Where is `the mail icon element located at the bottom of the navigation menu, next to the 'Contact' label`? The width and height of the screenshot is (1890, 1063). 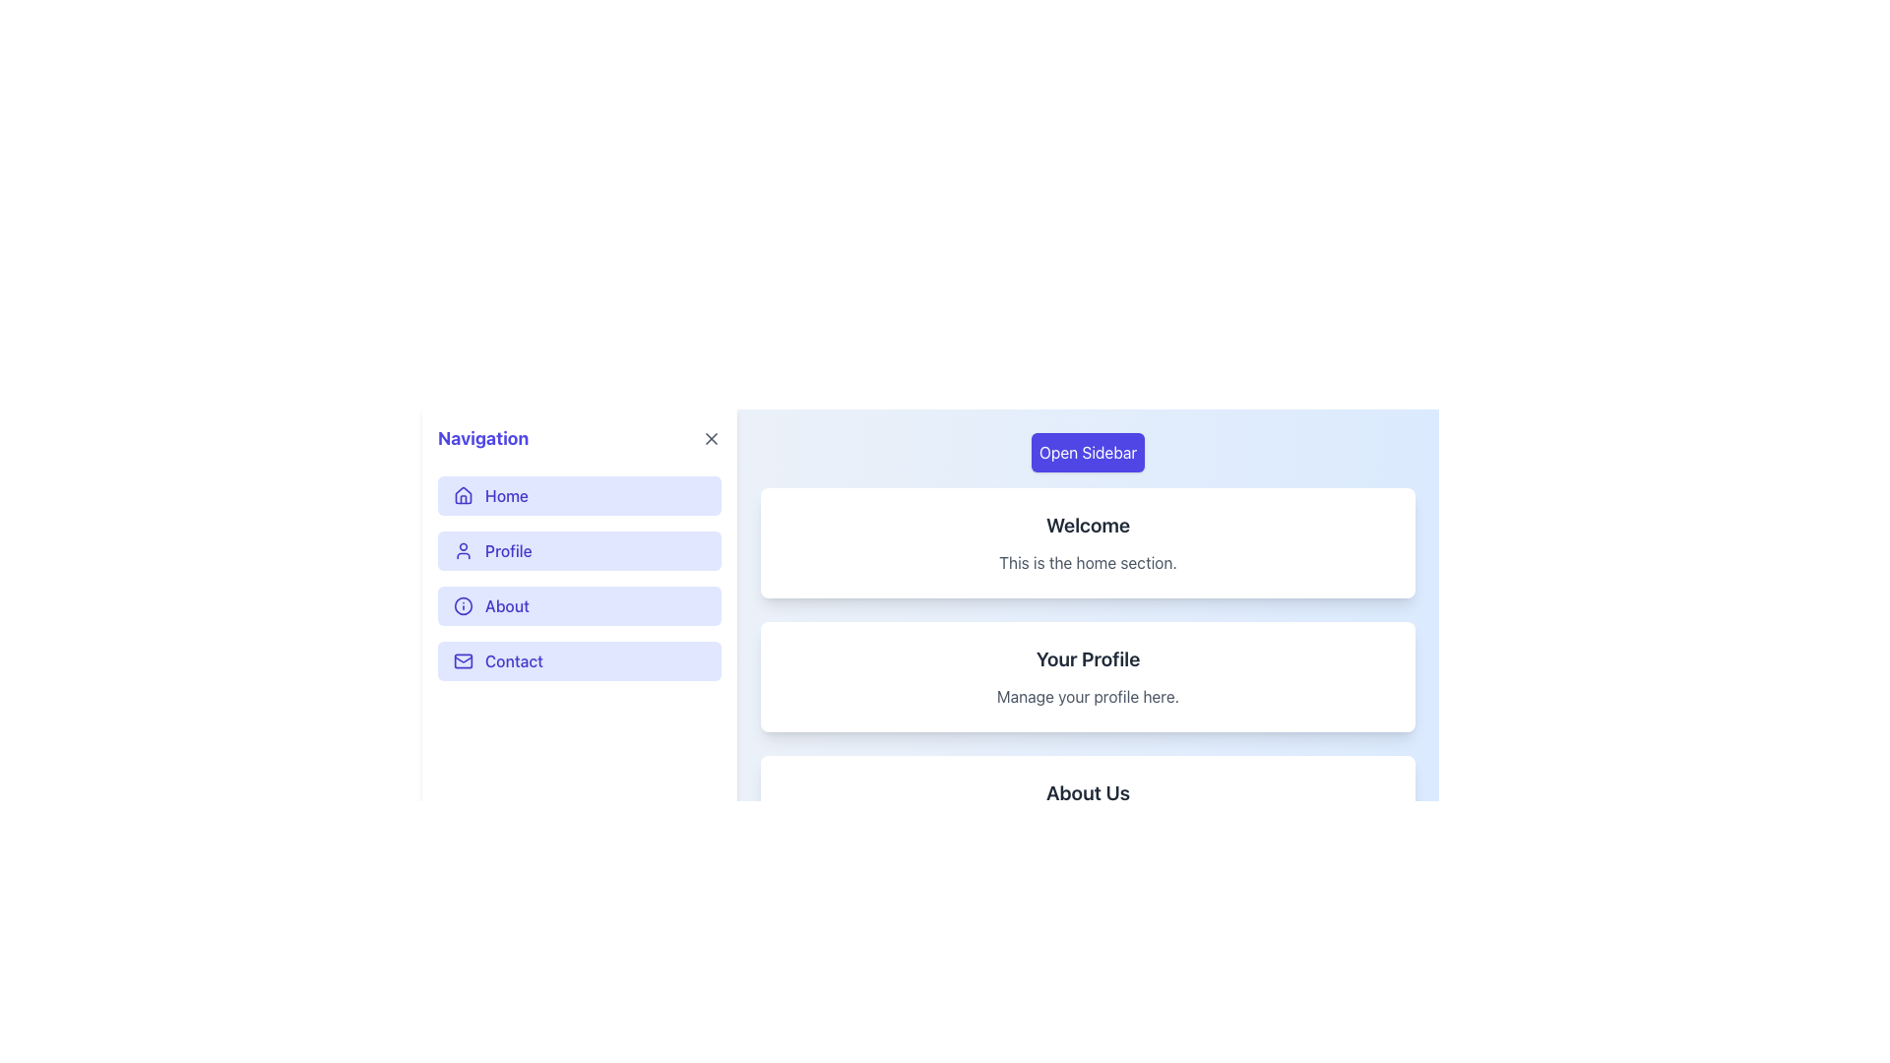
the mail icon element located at the bottom of the navigation menu, next to the 'Contact' label is located at coordinates (462, 659).